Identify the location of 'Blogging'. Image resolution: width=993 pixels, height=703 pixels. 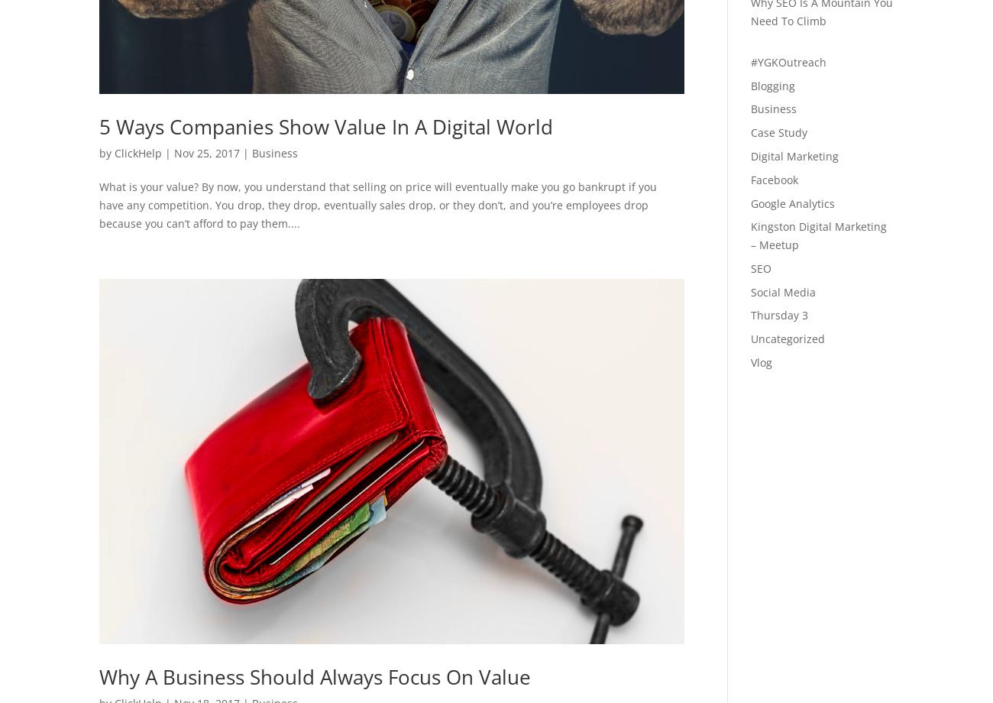
(771, 85).